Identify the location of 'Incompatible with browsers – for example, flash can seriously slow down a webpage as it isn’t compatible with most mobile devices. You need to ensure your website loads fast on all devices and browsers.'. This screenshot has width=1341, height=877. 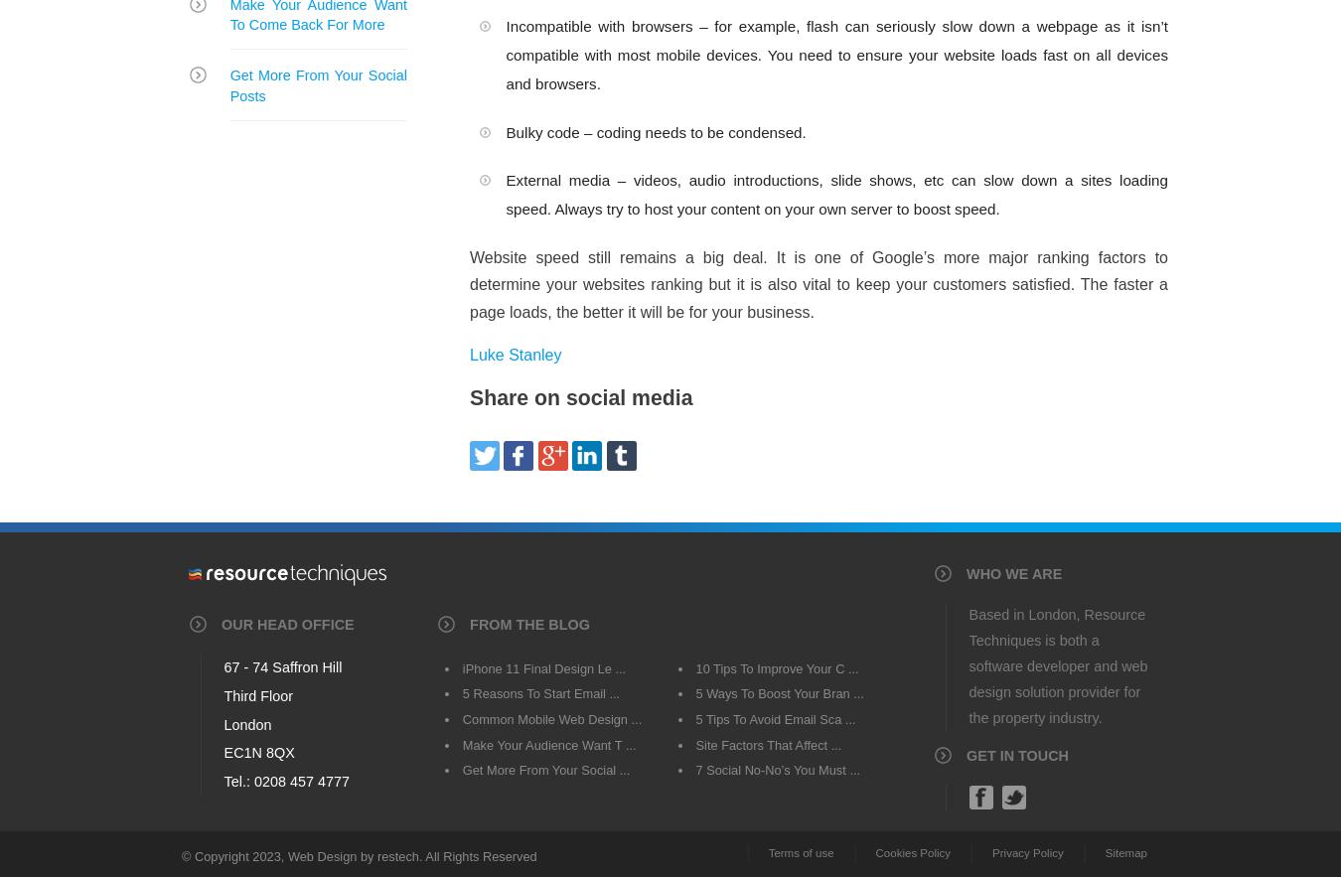
(836, 53).